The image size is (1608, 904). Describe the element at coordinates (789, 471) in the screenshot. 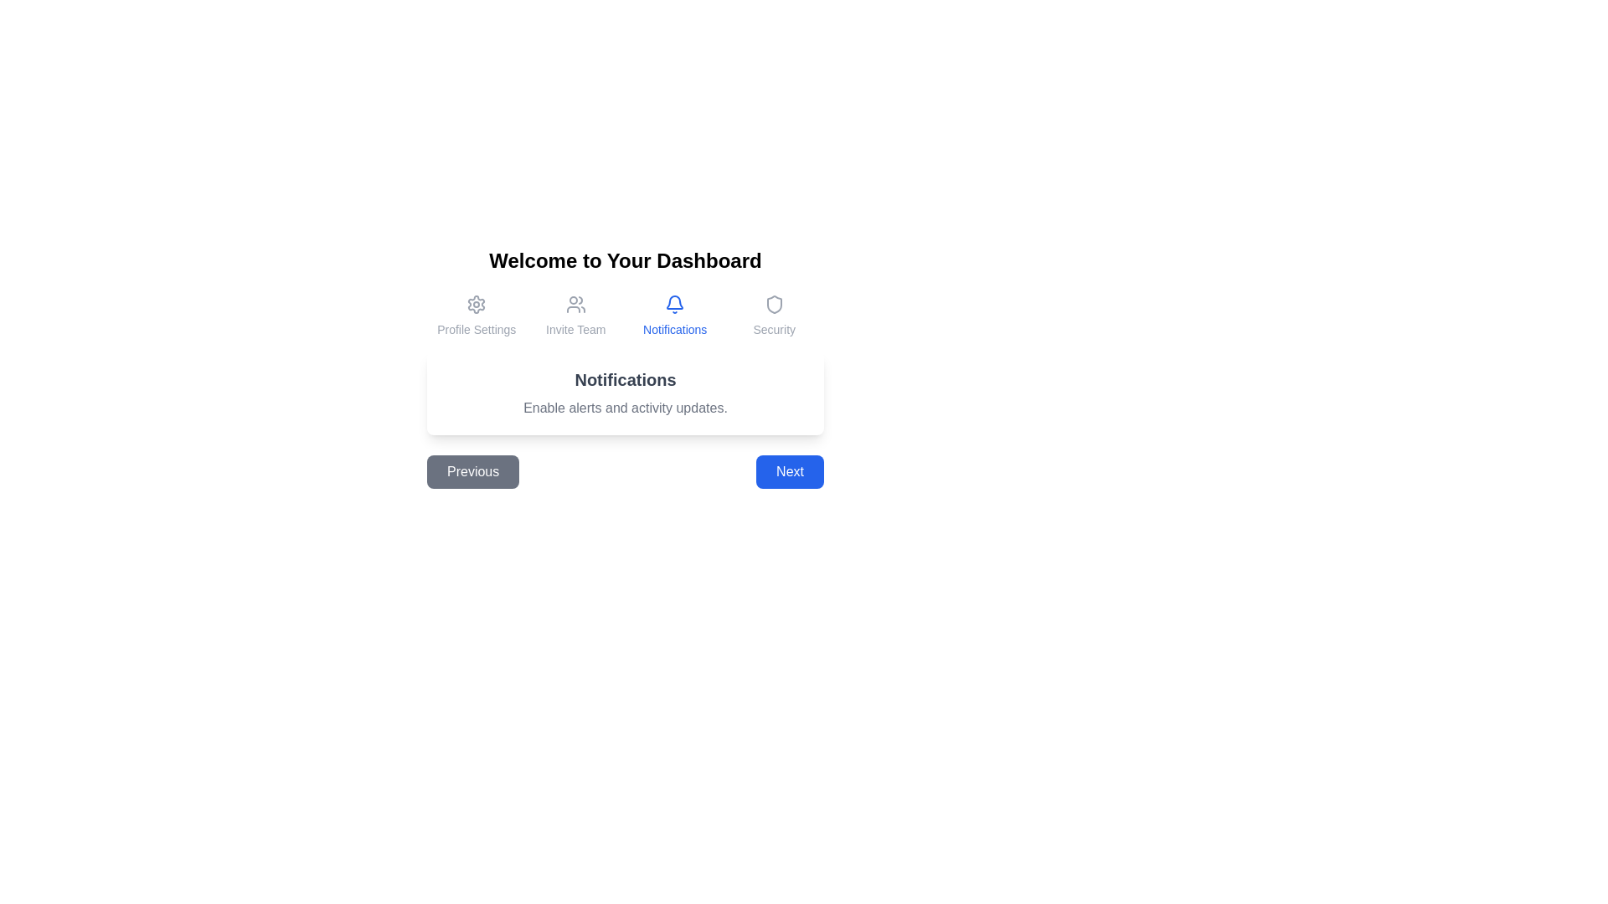

I see `the 'Next' button, which has a blue background and white text, located in the bottom-right corner of the interface` at that location.